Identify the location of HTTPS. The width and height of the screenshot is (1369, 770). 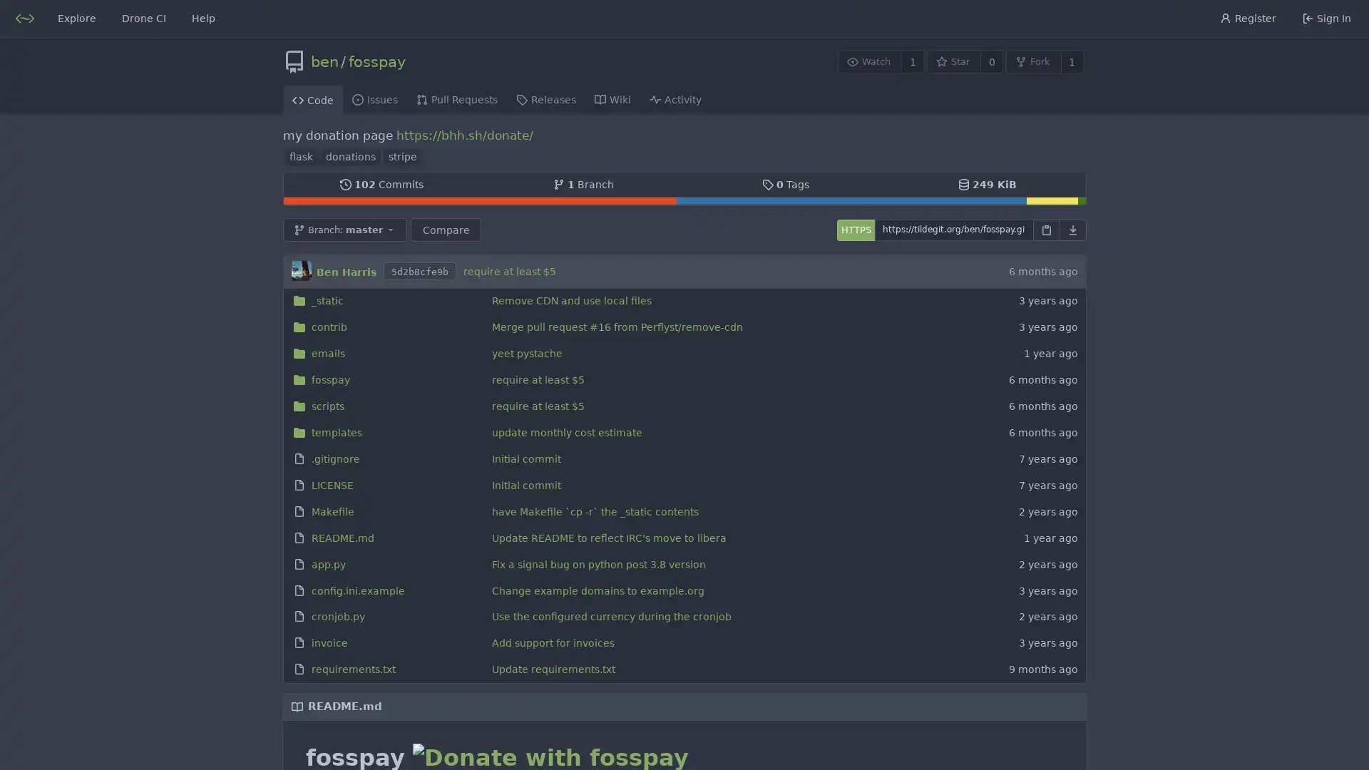
(855, 228).